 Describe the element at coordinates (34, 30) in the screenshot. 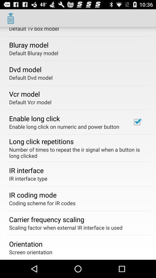

I see `default tv box item` at that location.